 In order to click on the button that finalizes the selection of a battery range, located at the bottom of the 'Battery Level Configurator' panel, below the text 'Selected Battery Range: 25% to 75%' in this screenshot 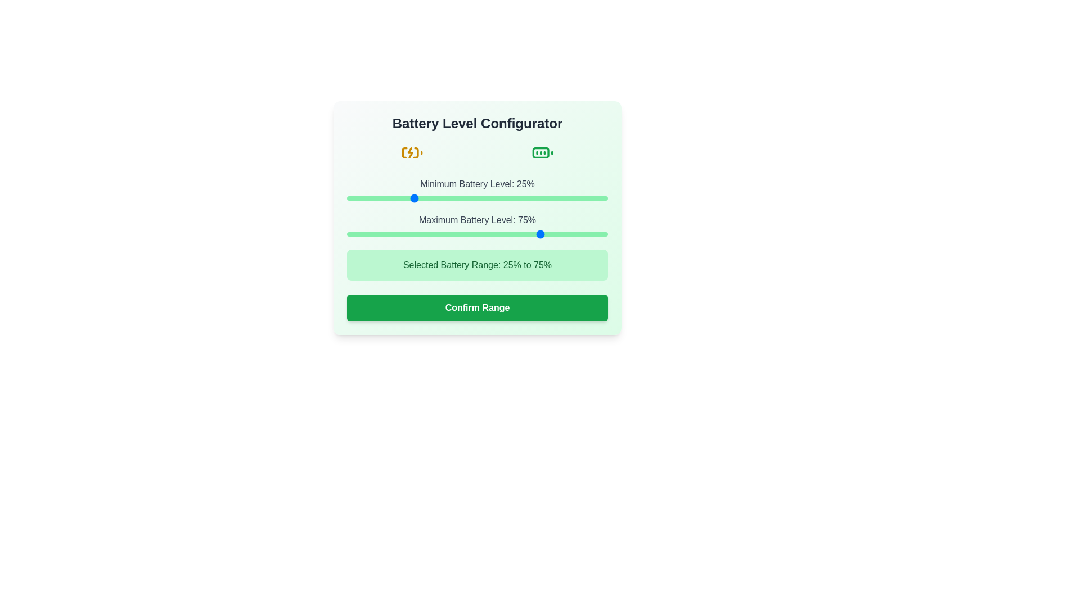, I will do `click(478, 307)`.